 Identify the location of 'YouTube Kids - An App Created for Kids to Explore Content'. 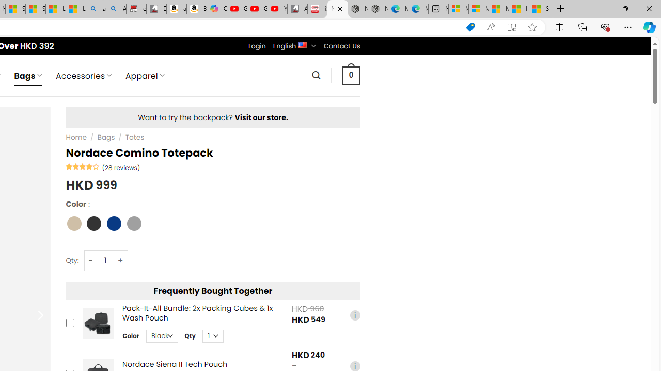
(277, 9).